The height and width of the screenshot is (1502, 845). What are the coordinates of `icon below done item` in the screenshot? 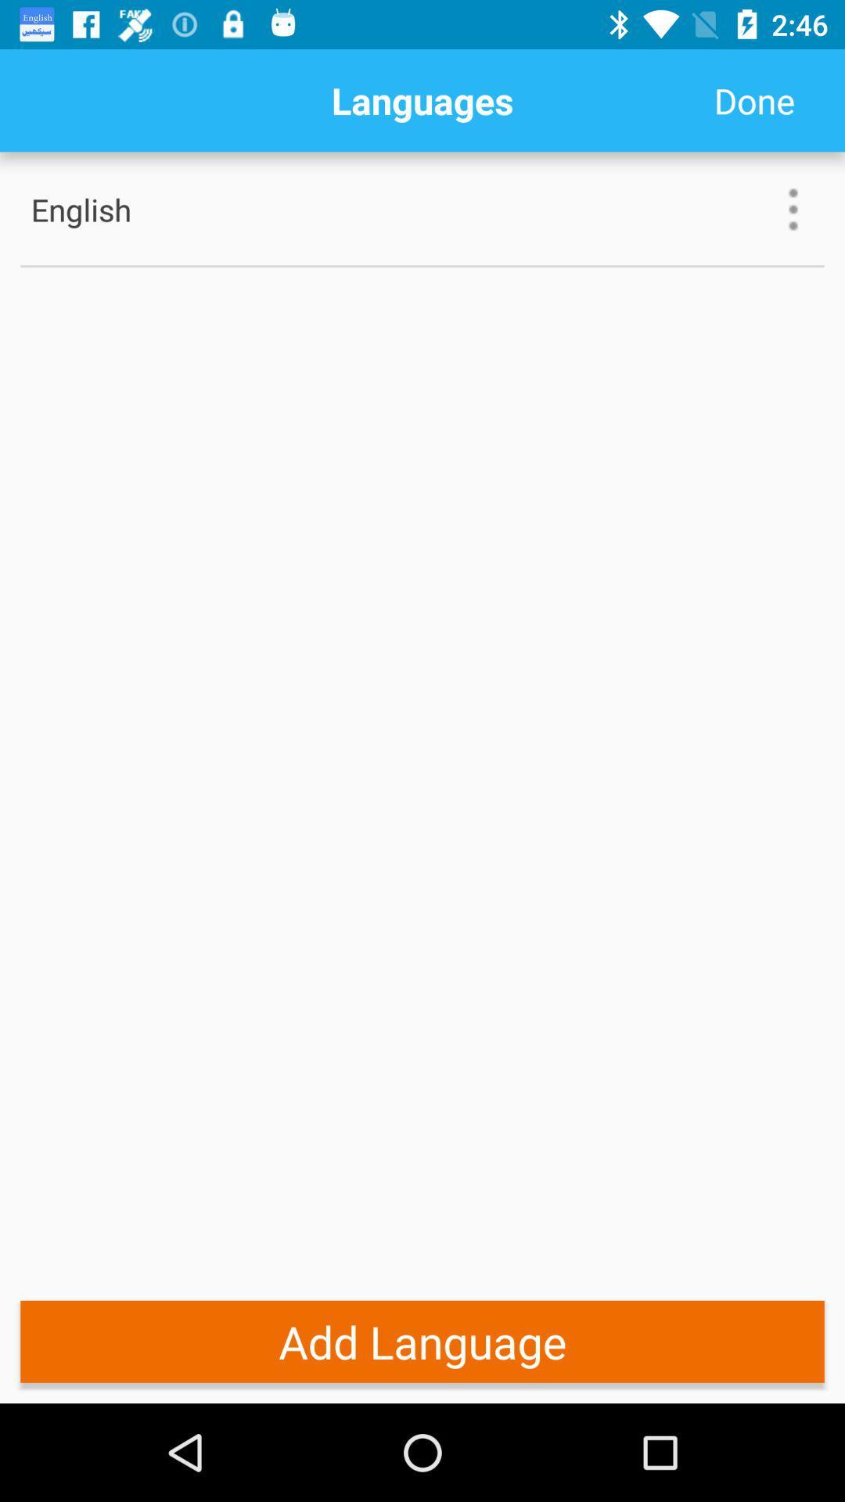 It's located at (793, 208).